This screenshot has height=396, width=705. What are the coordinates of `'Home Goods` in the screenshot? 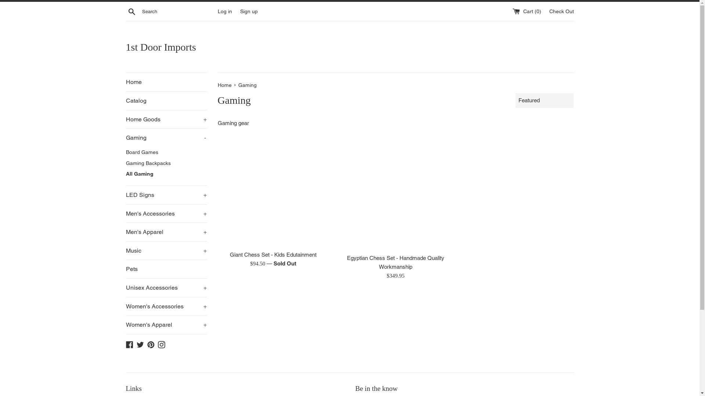 It's located at (125, 119).